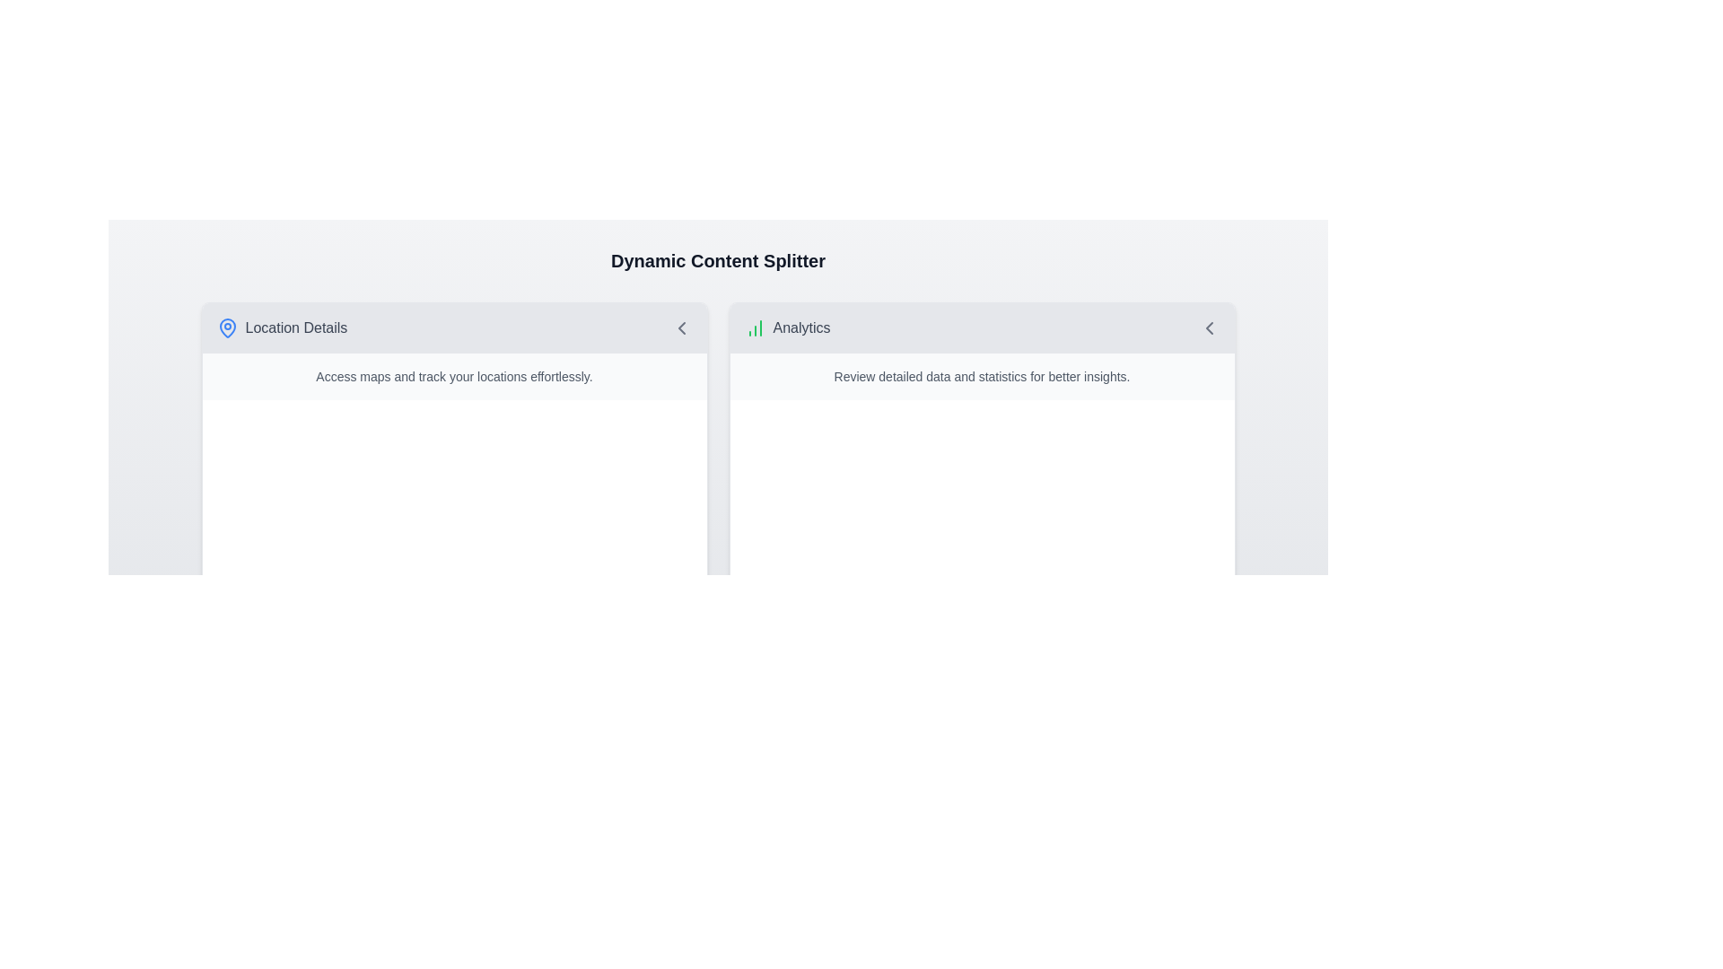 The width and height of the screenshot is (1723, 969). I want to click on the SVG Icon that serves as a visual indicator for the 'Location Details' section, located to the left of the text 'Location Details', so click(226, 328).